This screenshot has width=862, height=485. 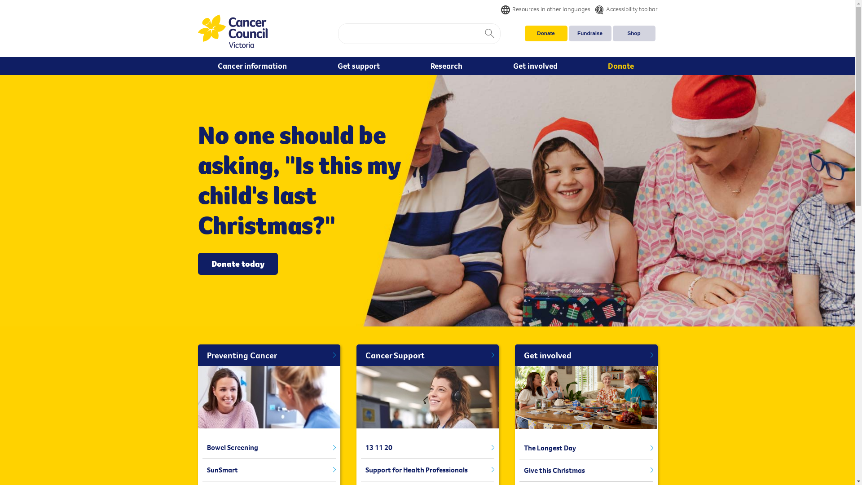 What do you see at coordinates (633, 33) in the screenshot?
I see `'Shop'` at bounding box center [633, 33].